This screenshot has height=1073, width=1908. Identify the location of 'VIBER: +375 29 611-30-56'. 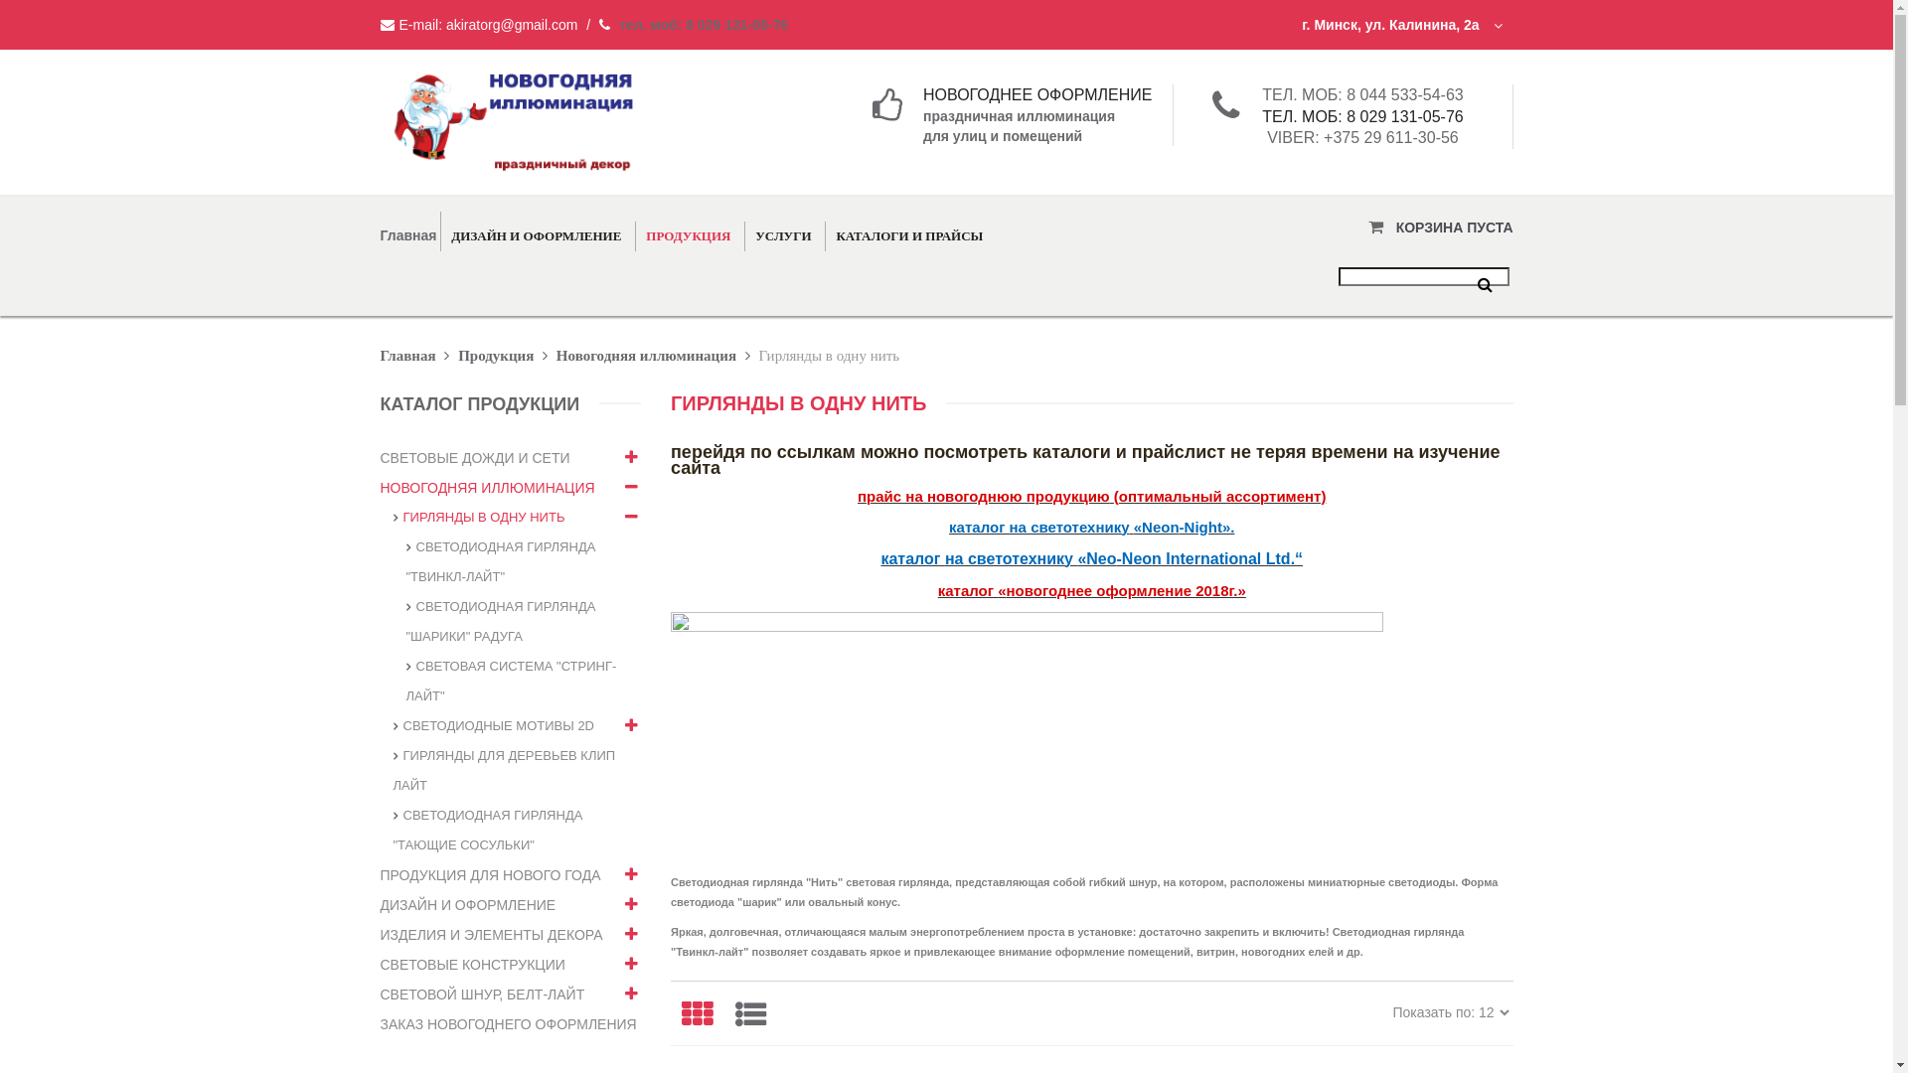
(1361, 136).